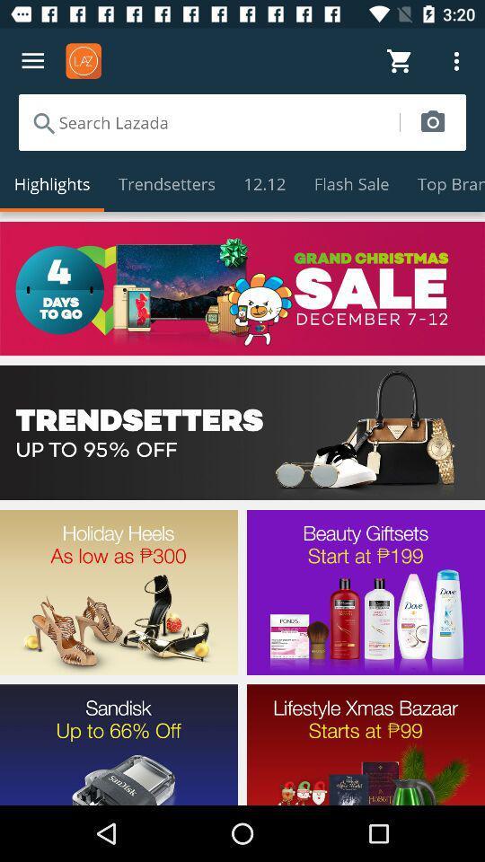  Describe the element at coordinates (207, 121) in the screenshot. I see `the item above the highlights item` at that location.